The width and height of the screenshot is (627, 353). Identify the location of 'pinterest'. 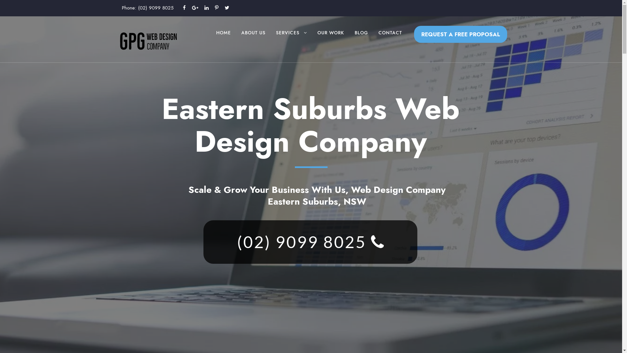
(217, 8).